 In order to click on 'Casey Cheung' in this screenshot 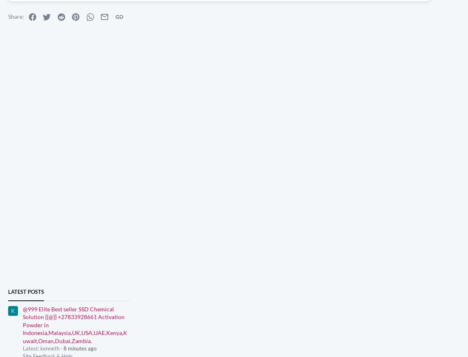, I will do `click(72, 7)`.